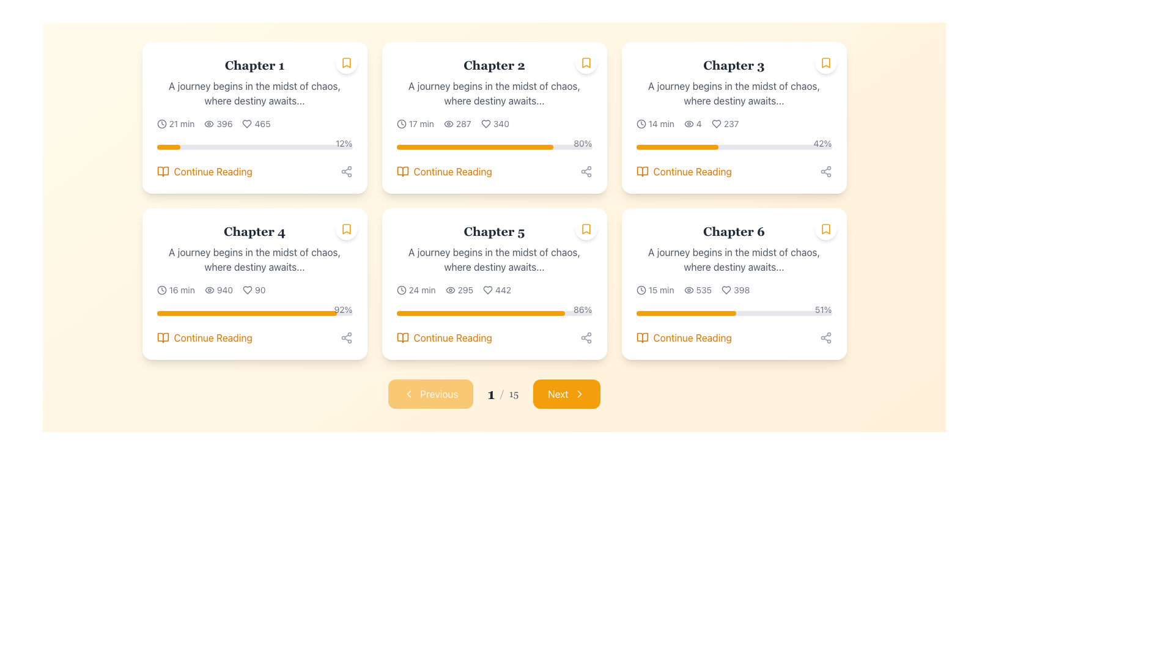  What do you see at coordinates (487, 290) in the screenshot?
I see `the heart-shaped SVG icon representing a 'like' or 'favorite' function, which is located to the left of the number '442' in the Chapter 5 card within the grid layout` at bounding box center [487, 290].